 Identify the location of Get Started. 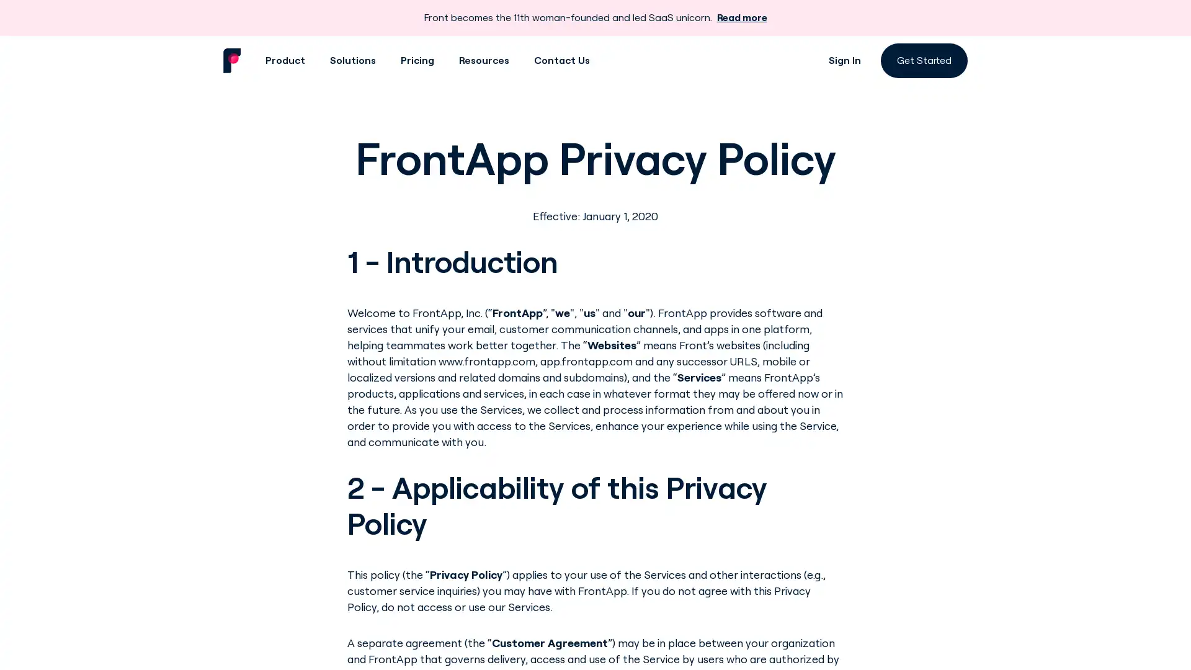
(924, 60).